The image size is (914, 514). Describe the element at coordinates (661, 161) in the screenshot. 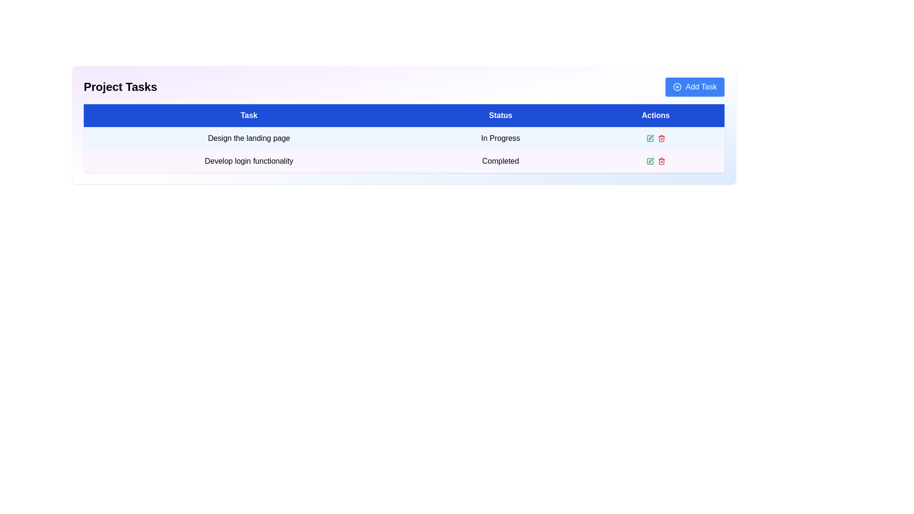

I see `the delete icon button located in the 'Actions' column of the 'Develop login functionality' row` at that location.